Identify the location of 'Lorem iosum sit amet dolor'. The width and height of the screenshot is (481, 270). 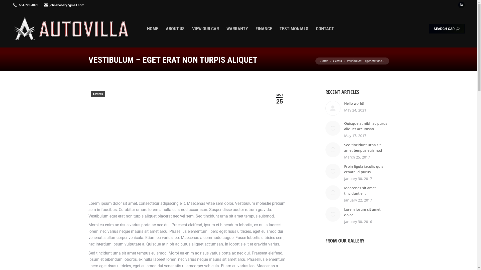
(367, 212).